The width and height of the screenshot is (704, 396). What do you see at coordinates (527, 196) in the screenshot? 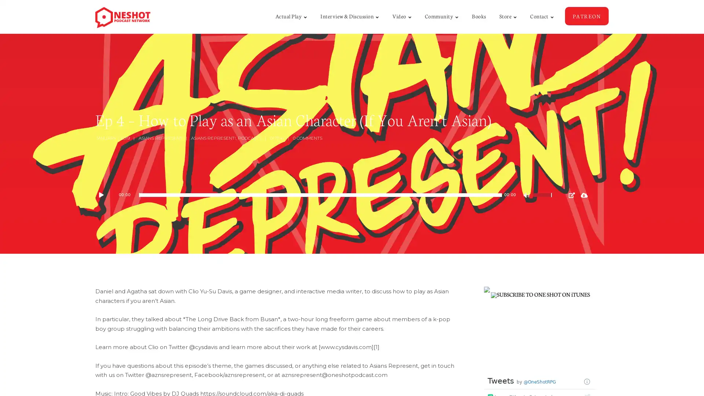
I see `Mute` at bounding box center [527, 196].